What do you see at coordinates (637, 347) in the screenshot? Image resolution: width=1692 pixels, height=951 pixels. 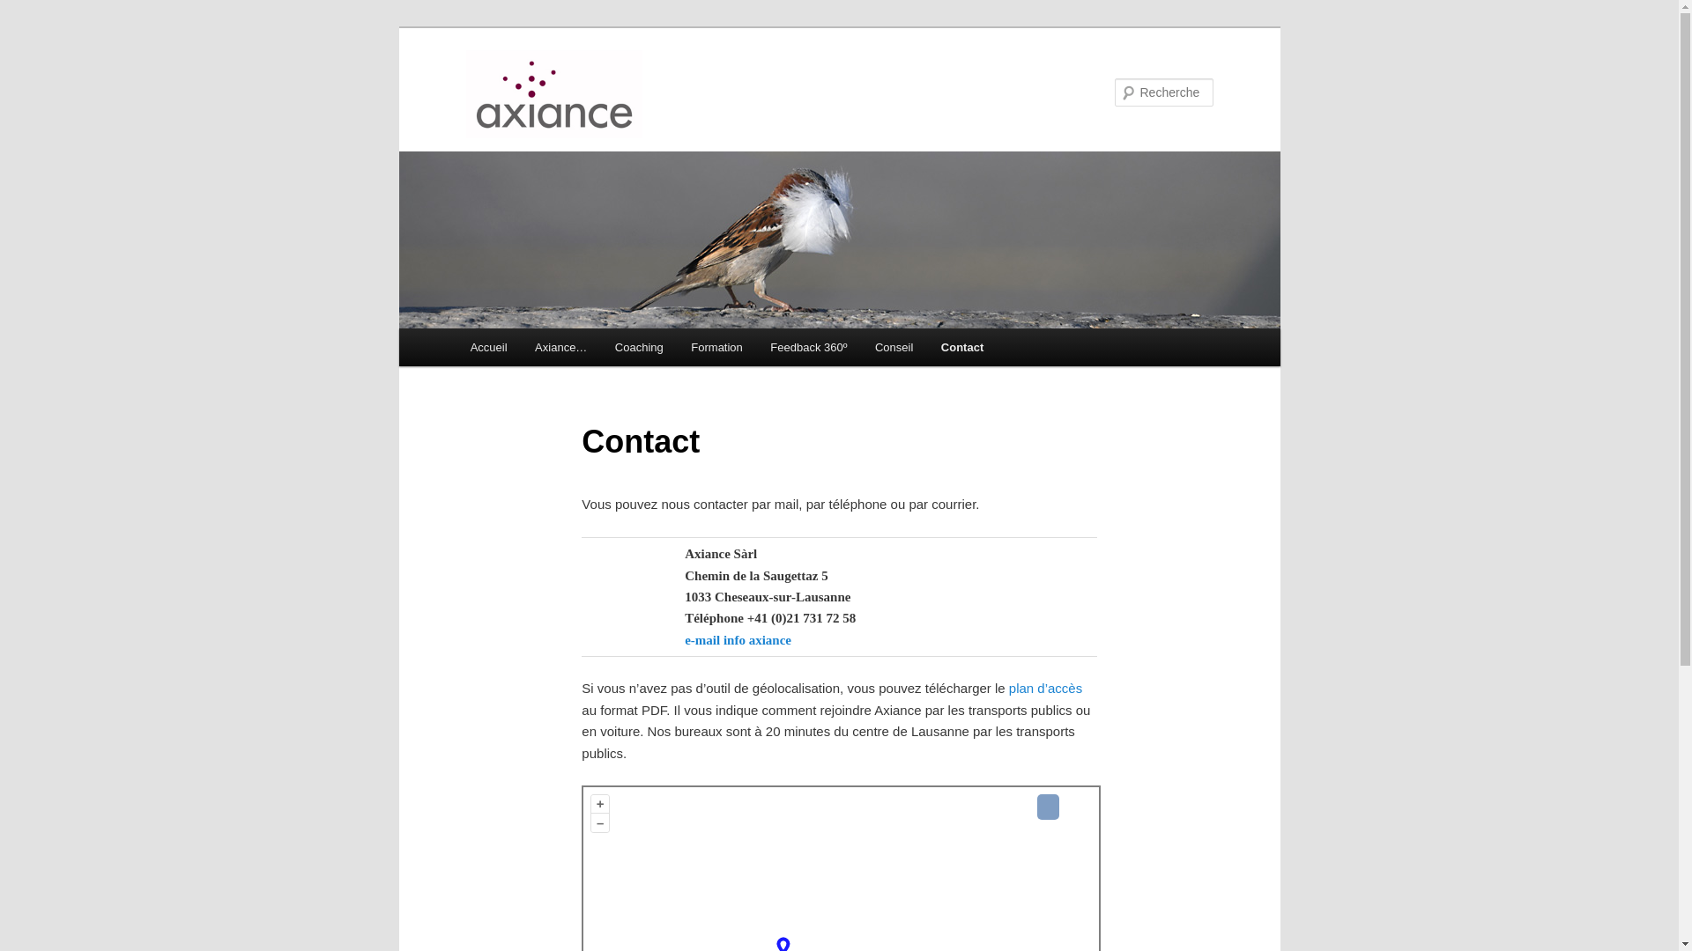 I see `'Coaching'` at bounding box center [637, 347].